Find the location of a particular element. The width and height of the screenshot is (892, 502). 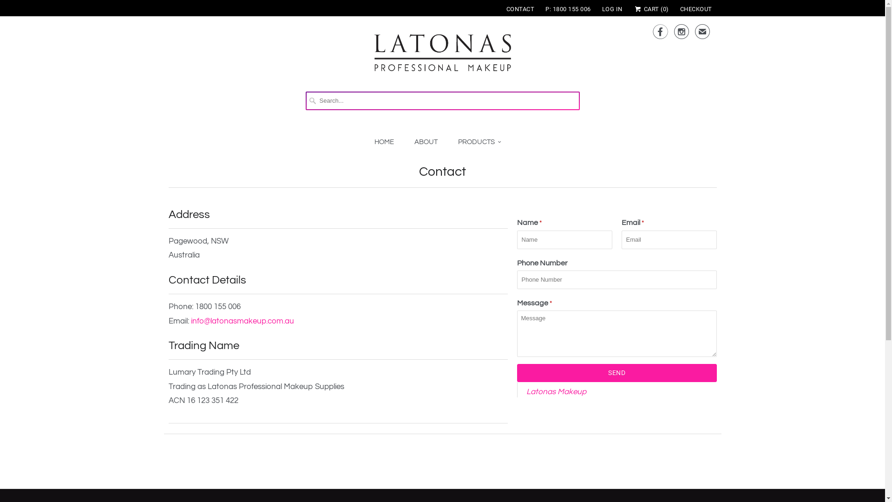

'CHECKOUT' is located at coordinates (696, 9).